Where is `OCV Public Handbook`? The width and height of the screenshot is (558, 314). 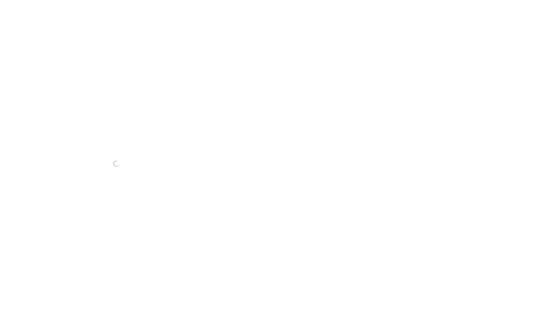 OCV Public Handbook is located at coordinates (31, 6).